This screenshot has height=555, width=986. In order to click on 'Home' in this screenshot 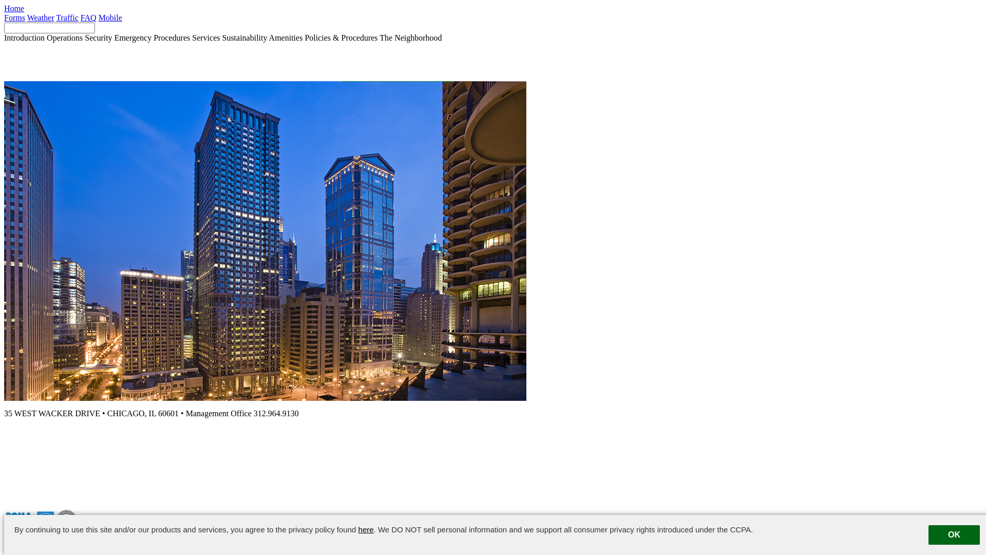, I will do `click(14, 8)`.